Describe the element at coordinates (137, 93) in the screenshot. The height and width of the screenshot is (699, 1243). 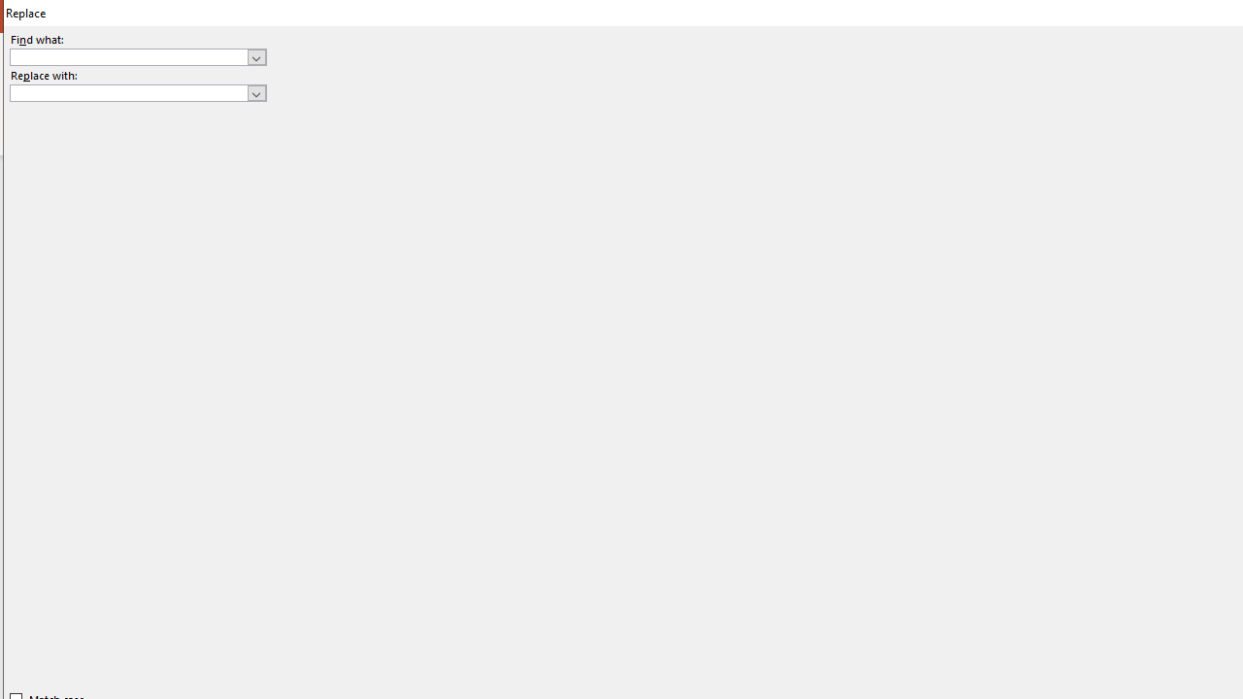
I see `'Replace with'` at that location.